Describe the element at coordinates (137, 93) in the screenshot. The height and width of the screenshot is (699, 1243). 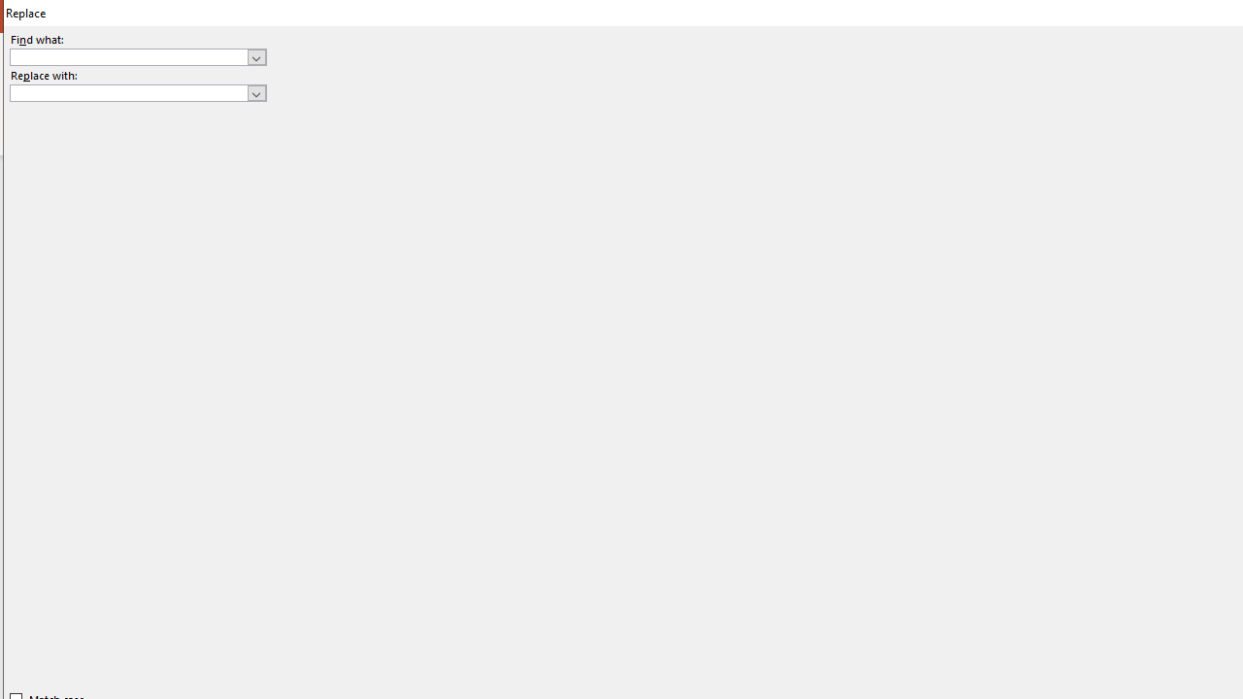
I see `'Replace with'` at that location.